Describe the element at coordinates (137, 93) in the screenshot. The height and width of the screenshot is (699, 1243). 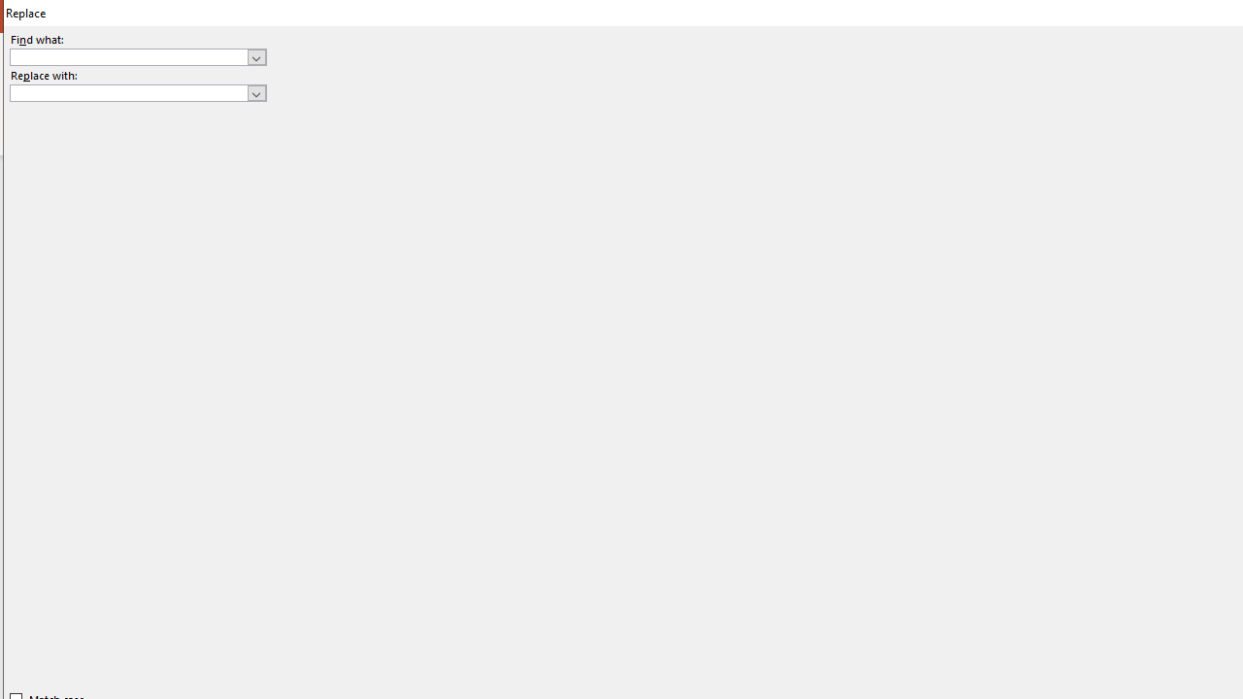
I see `'Replace with'` at that location.